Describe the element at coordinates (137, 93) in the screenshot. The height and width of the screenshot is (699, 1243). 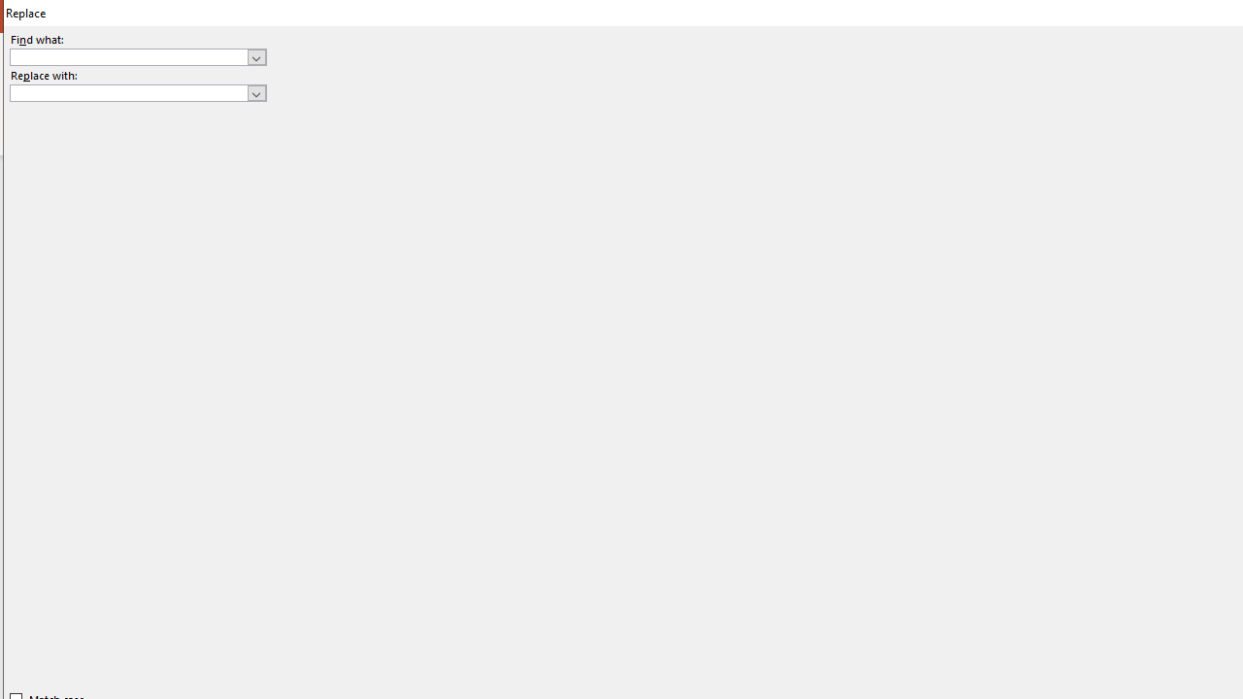
I see `'Replace with'` at that location.